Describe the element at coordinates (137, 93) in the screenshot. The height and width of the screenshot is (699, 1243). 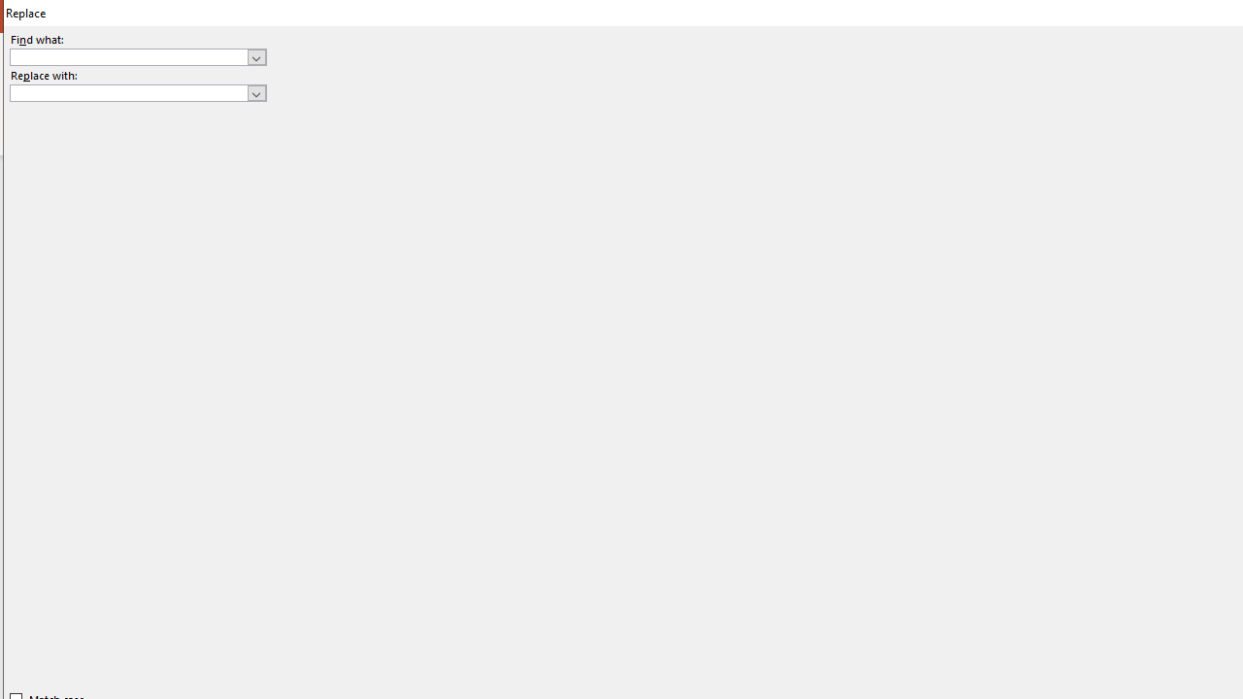
I see `'Replace with'` at that location.